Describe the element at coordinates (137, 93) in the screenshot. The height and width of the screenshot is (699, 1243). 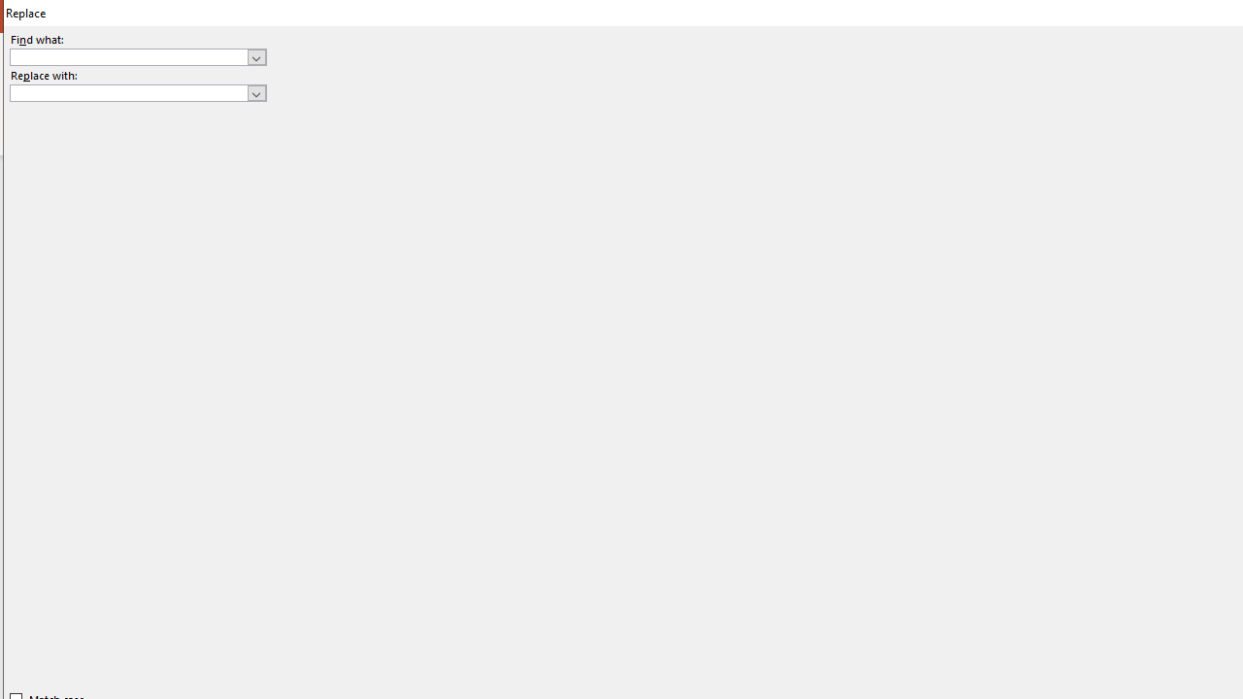
I see `'Replace with'` at that location.